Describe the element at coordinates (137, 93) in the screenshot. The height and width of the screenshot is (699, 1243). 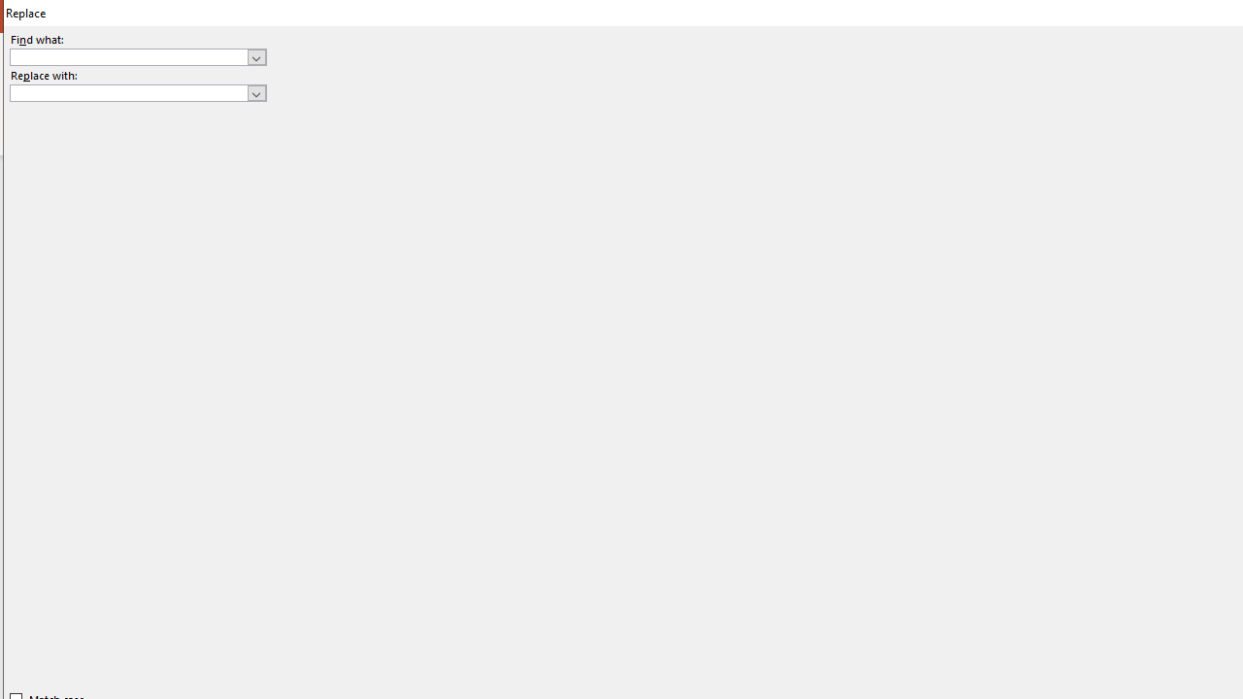
I see `'Replace with'` at that location.